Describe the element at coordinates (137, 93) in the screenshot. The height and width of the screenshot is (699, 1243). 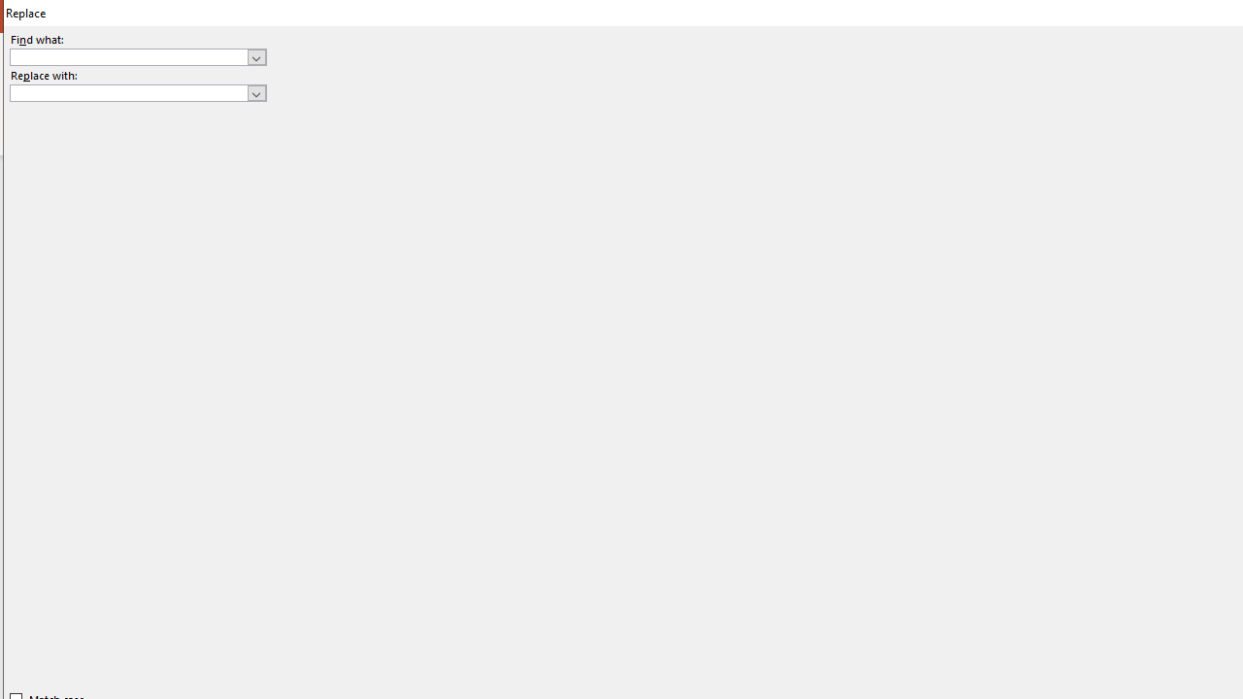
I see `'Replace with'` at that location.